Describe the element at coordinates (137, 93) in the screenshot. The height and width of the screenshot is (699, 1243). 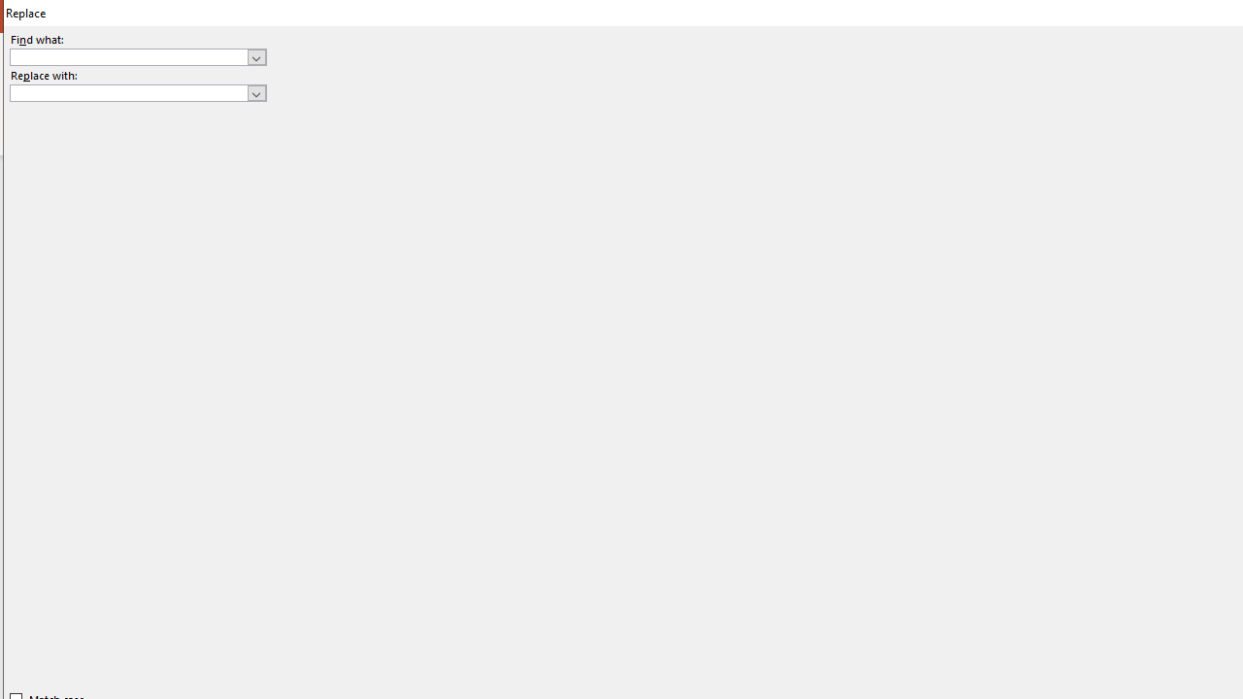
I see `'Replace with'` at that location.